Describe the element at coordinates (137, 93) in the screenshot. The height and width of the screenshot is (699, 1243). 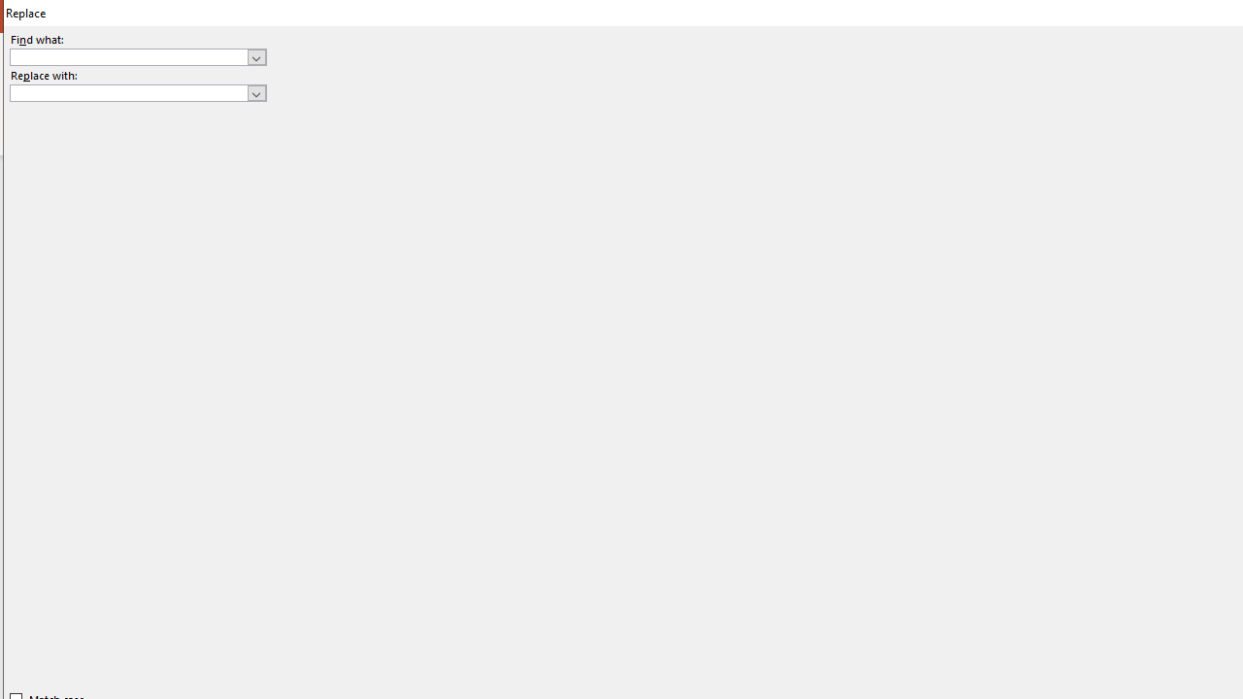
I see `'Replace with'` at that location.